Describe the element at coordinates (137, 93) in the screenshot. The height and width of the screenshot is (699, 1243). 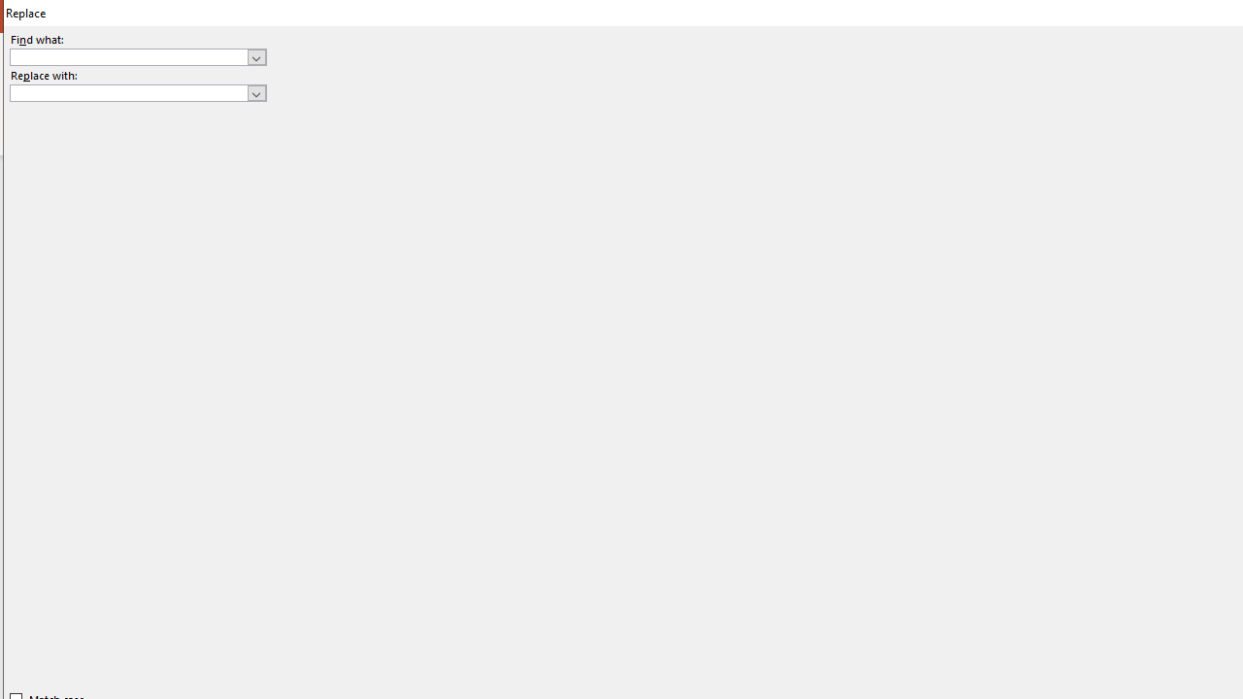
I see `'Replace with'` at that location.